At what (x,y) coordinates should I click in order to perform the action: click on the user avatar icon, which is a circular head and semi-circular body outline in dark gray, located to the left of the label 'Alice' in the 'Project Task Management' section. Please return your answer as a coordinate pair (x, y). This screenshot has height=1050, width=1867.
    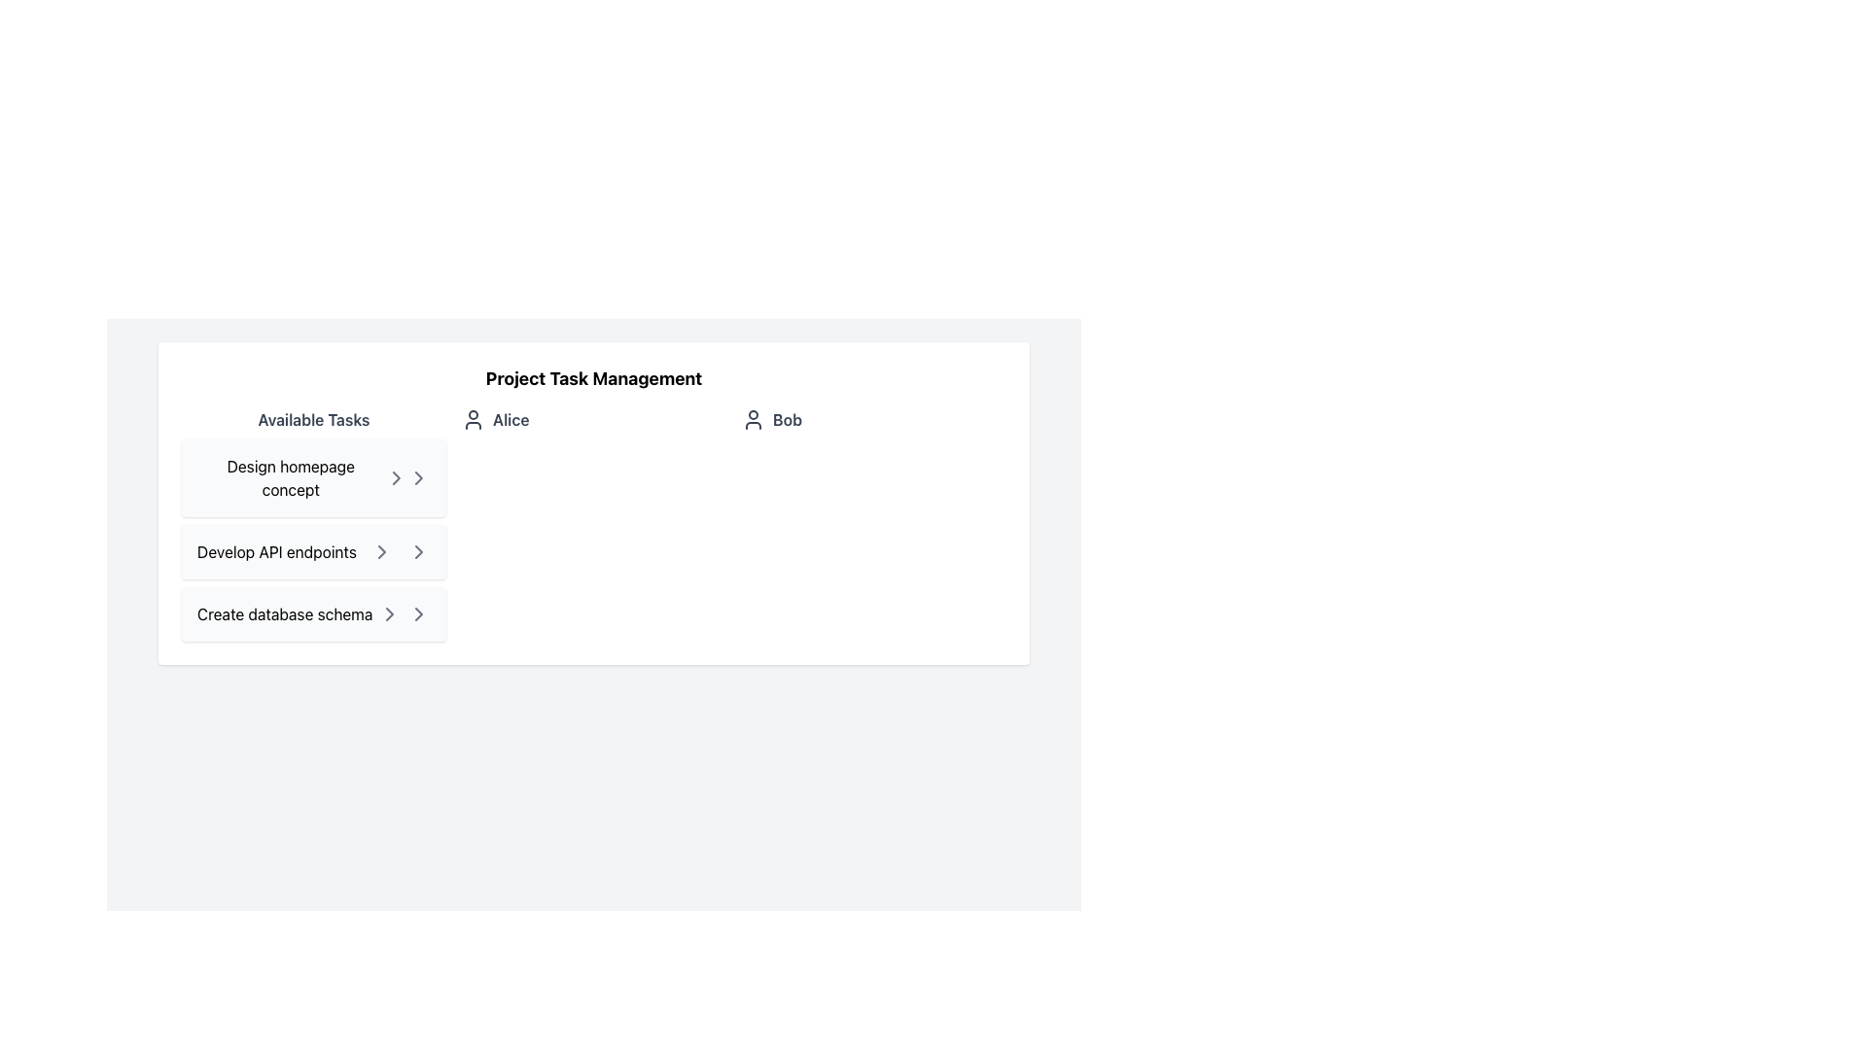
    Looking at the image, I should click on (473, 419).